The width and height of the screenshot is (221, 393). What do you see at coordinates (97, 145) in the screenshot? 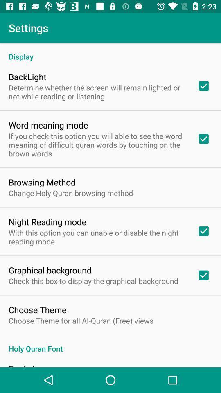
I see `item below the word meaning mode icon` at bounding box center [97, 145].